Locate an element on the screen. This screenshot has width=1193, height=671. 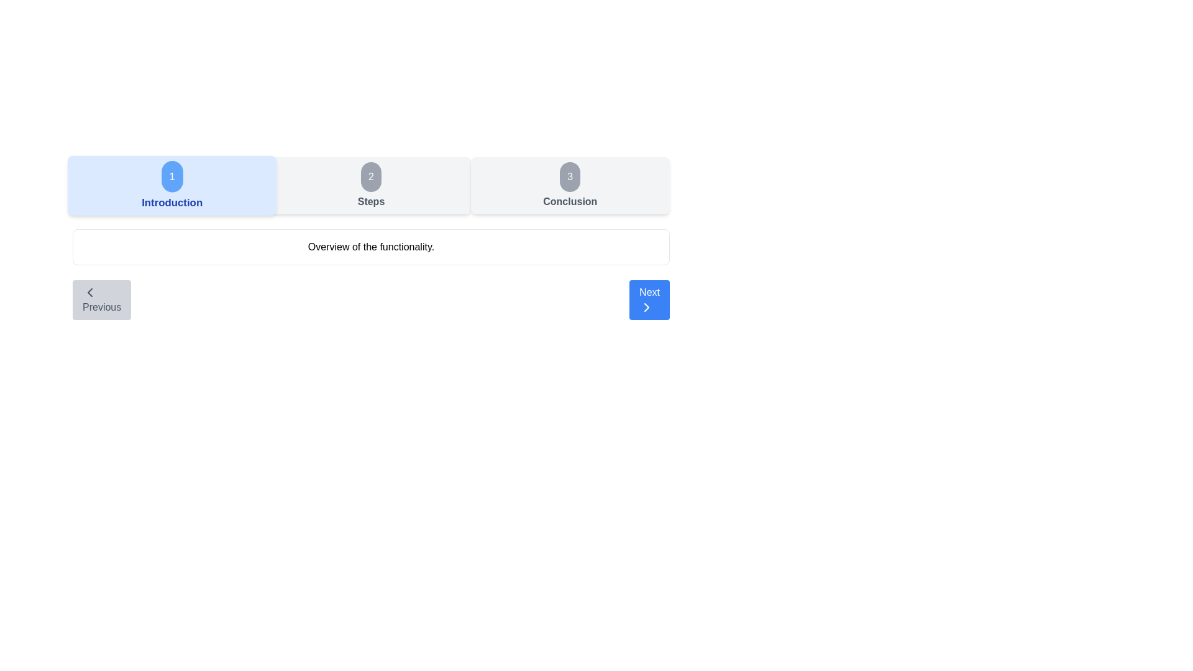
the Previous button to navigate between steps is located at coordinates (101, 299).